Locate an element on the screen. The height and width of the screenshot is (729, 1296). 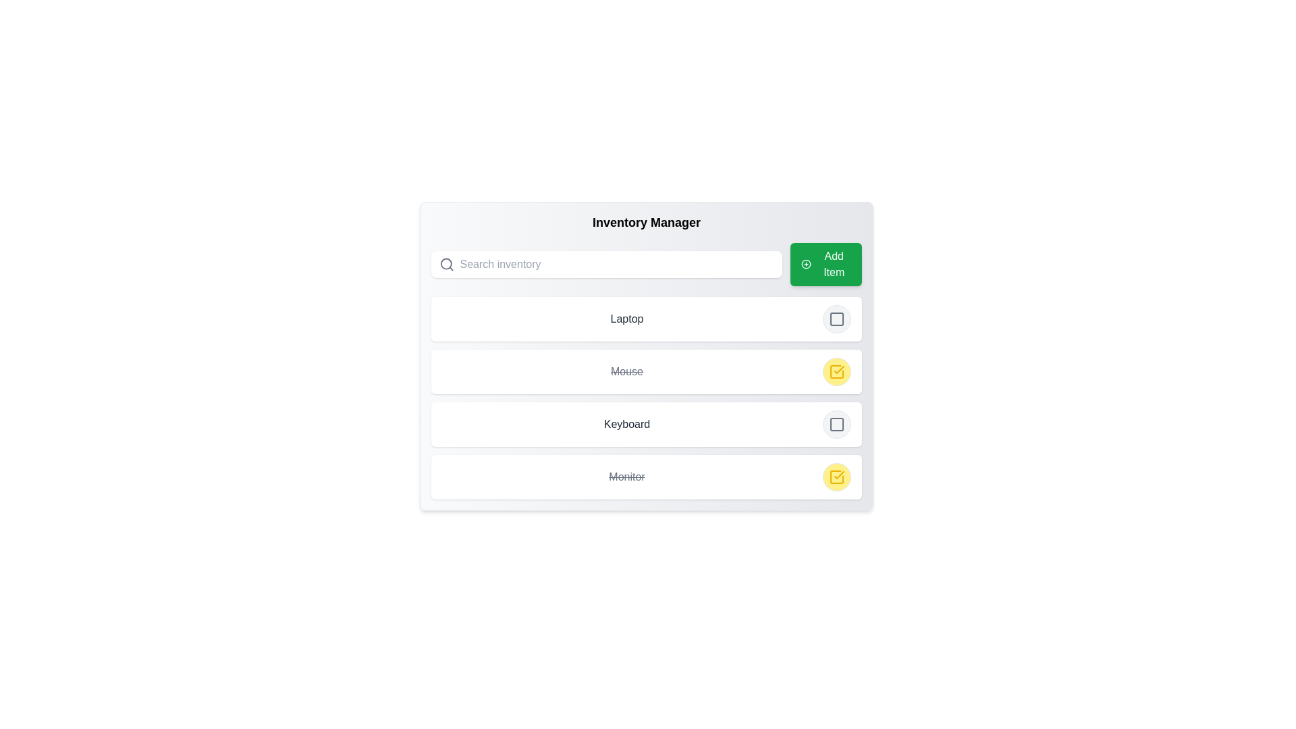
the 'Add' icon within the 'Add Item' button is located at coordinates (806, 265).